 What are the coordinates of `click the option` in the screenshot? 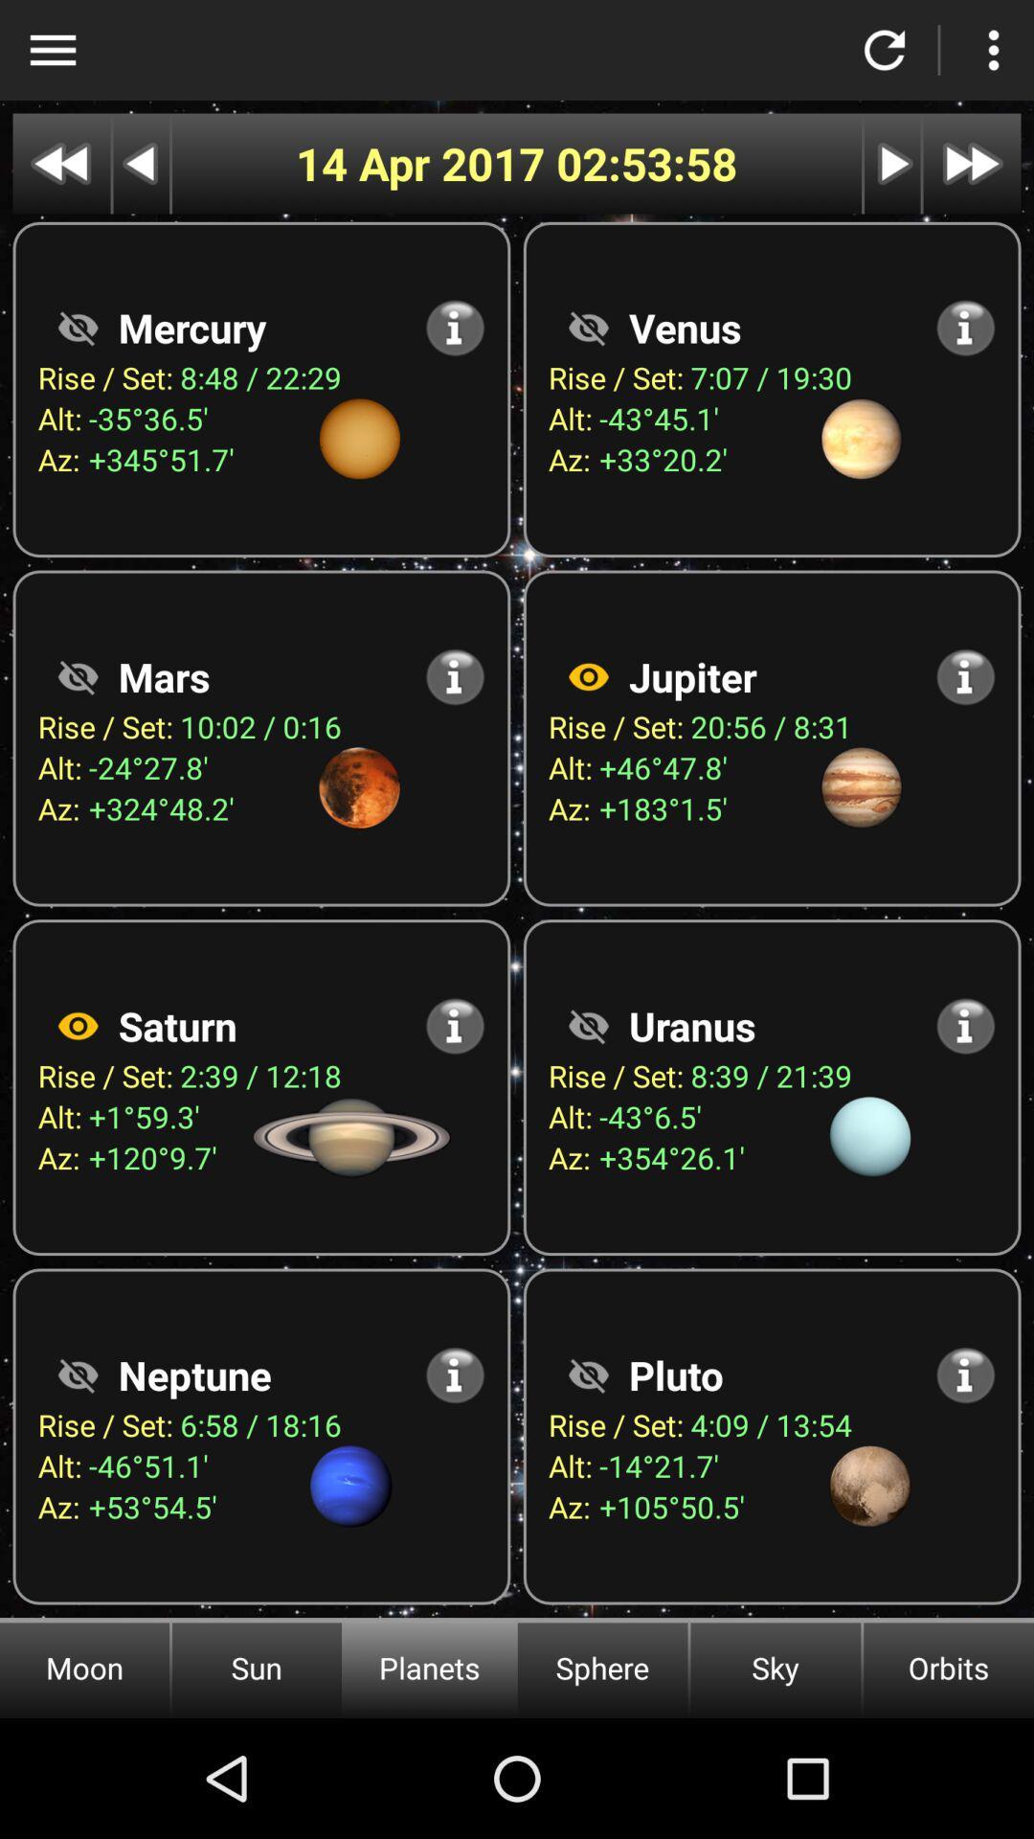 It's located at (992, 50).